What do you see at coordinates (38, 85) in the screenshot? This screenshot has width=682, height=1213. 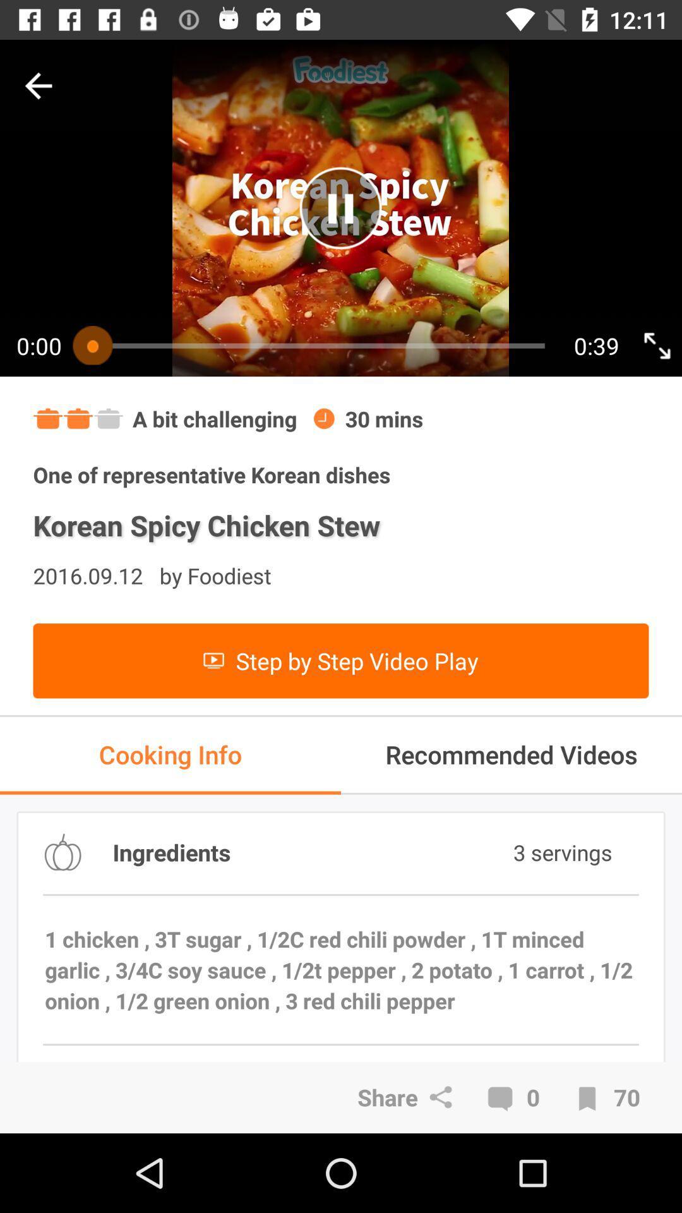 I see `go back` at bounding box center [38, 85].